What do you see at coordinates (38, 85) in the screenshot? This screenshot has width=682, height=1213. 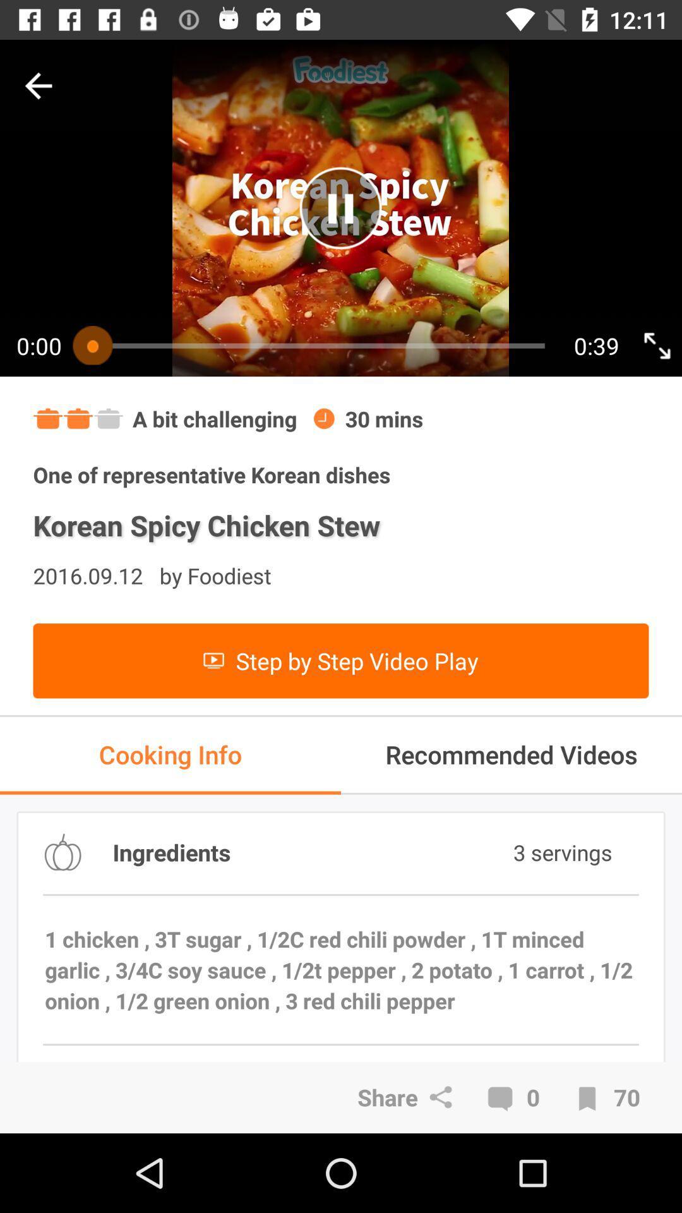 I see `go back` at bounding box center [38, 85].